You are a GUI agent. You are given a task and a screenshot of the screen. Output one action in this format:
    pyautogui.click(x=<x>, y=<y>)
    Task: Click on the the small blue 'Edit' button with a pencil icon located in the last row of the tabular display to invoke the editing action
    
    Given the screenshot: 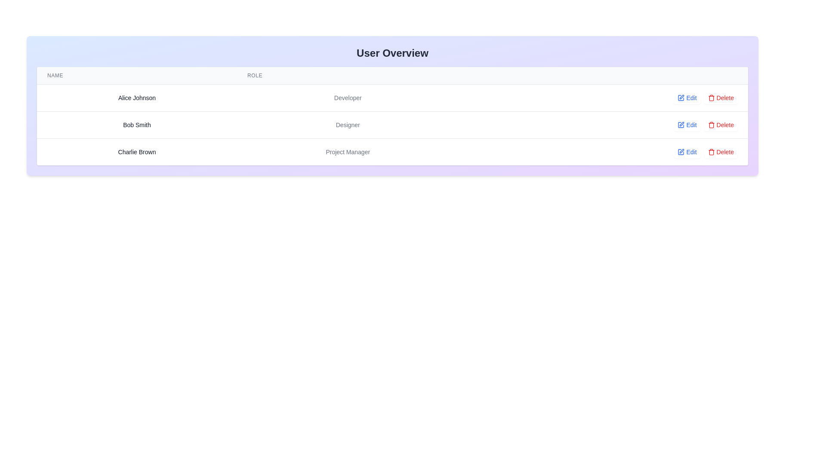 What is the action you would take?
    pyautogui.click(x=687, y=152)
    